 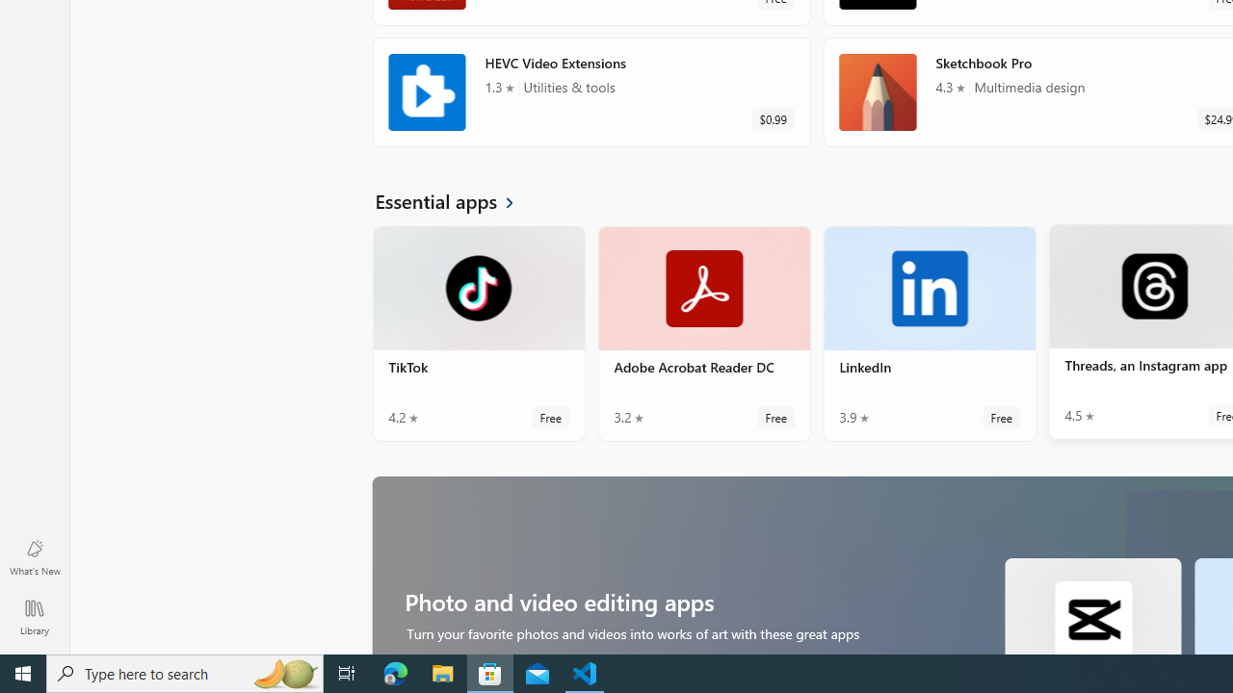 I want to click on 'Library', so click(x=34, y=616).